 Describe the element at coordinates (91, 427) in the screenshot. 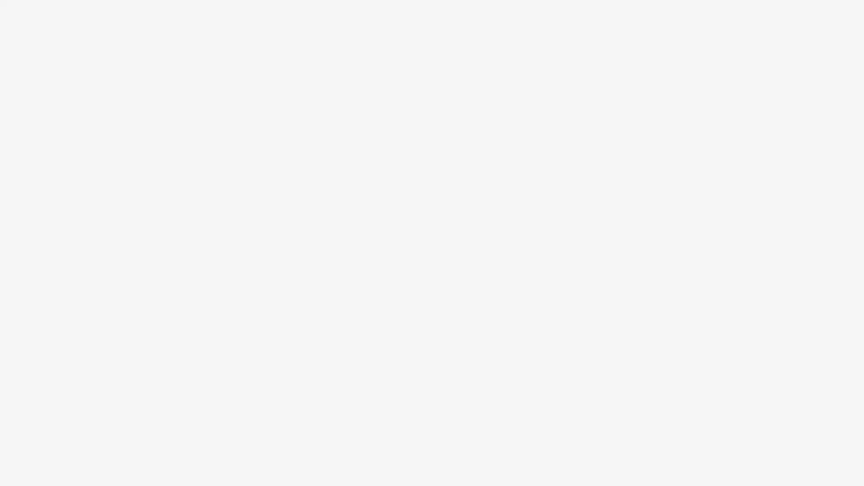

I see `Got It` at that location.